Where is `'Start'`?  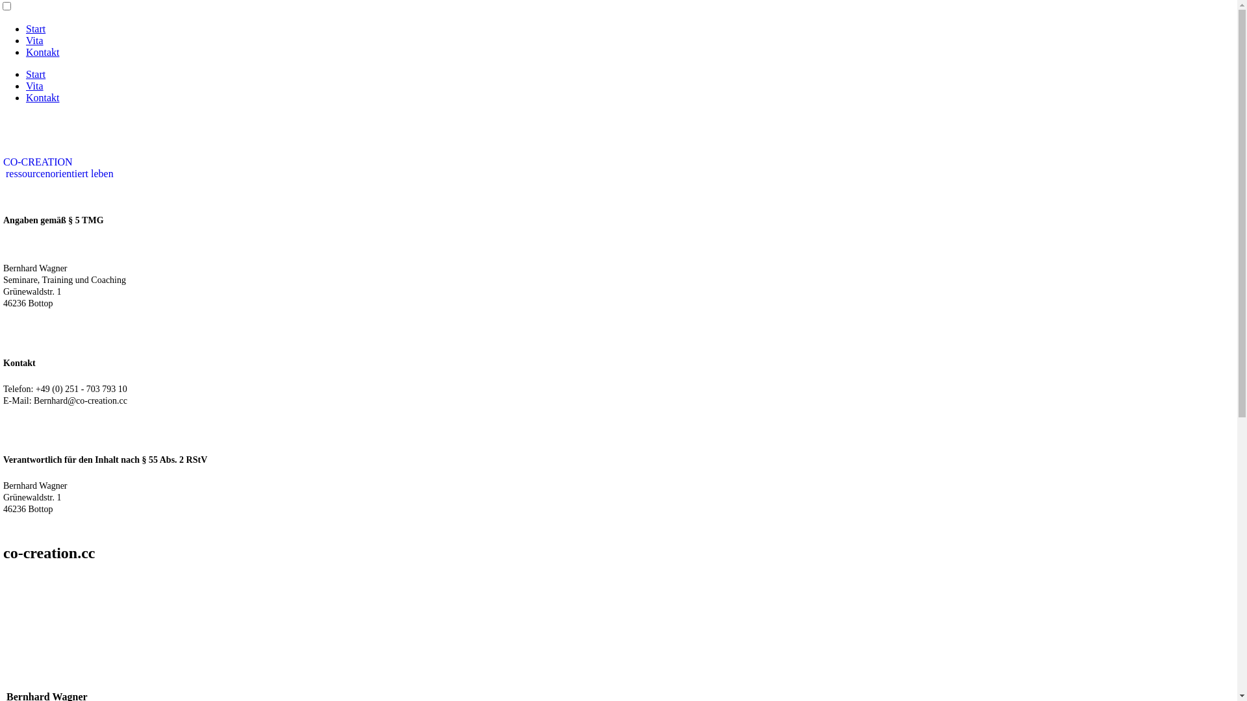
'Start' is located at coordinates (35, 29).